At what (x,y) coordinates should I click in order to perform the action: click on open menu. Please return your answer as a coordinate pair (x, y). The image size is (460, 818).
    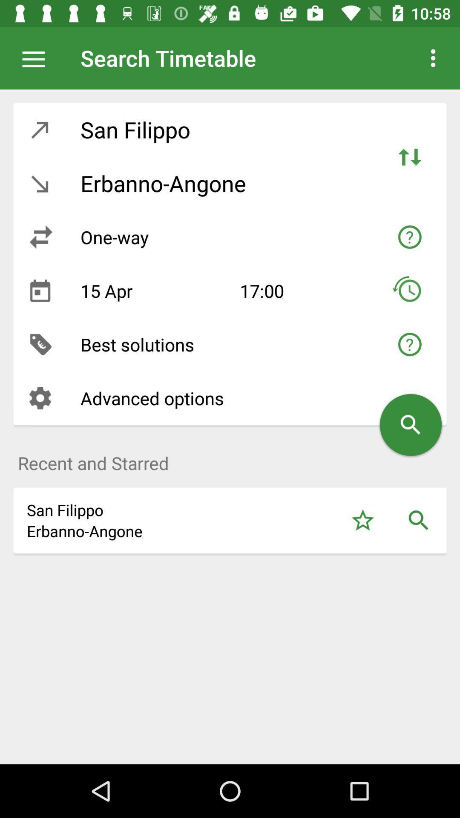
    Looking at the image, I should click on (37, 58).